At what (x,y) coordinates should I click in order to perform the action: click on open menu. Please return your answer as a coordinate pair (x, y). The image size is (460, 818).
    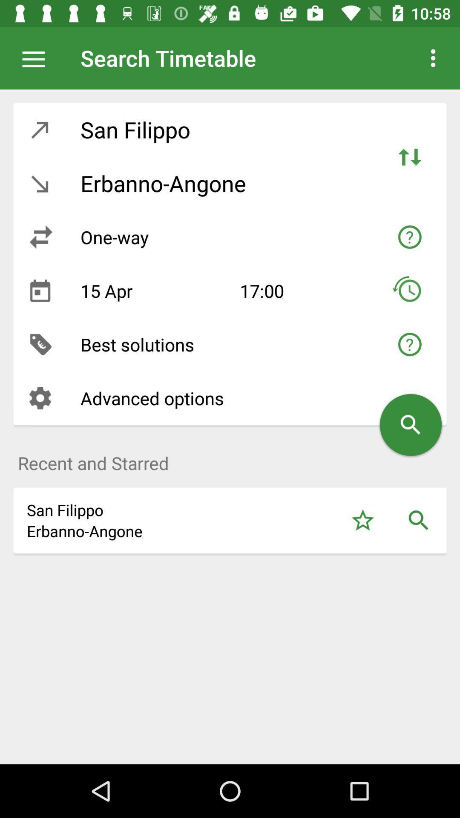
    Looking at the image, I should click on (37, 58).